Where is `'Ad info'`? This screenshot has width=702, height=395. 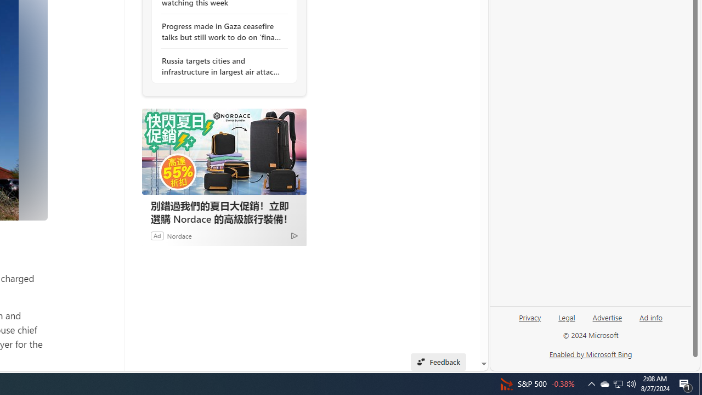
'Ad info' is located at coordinates (650, 321).